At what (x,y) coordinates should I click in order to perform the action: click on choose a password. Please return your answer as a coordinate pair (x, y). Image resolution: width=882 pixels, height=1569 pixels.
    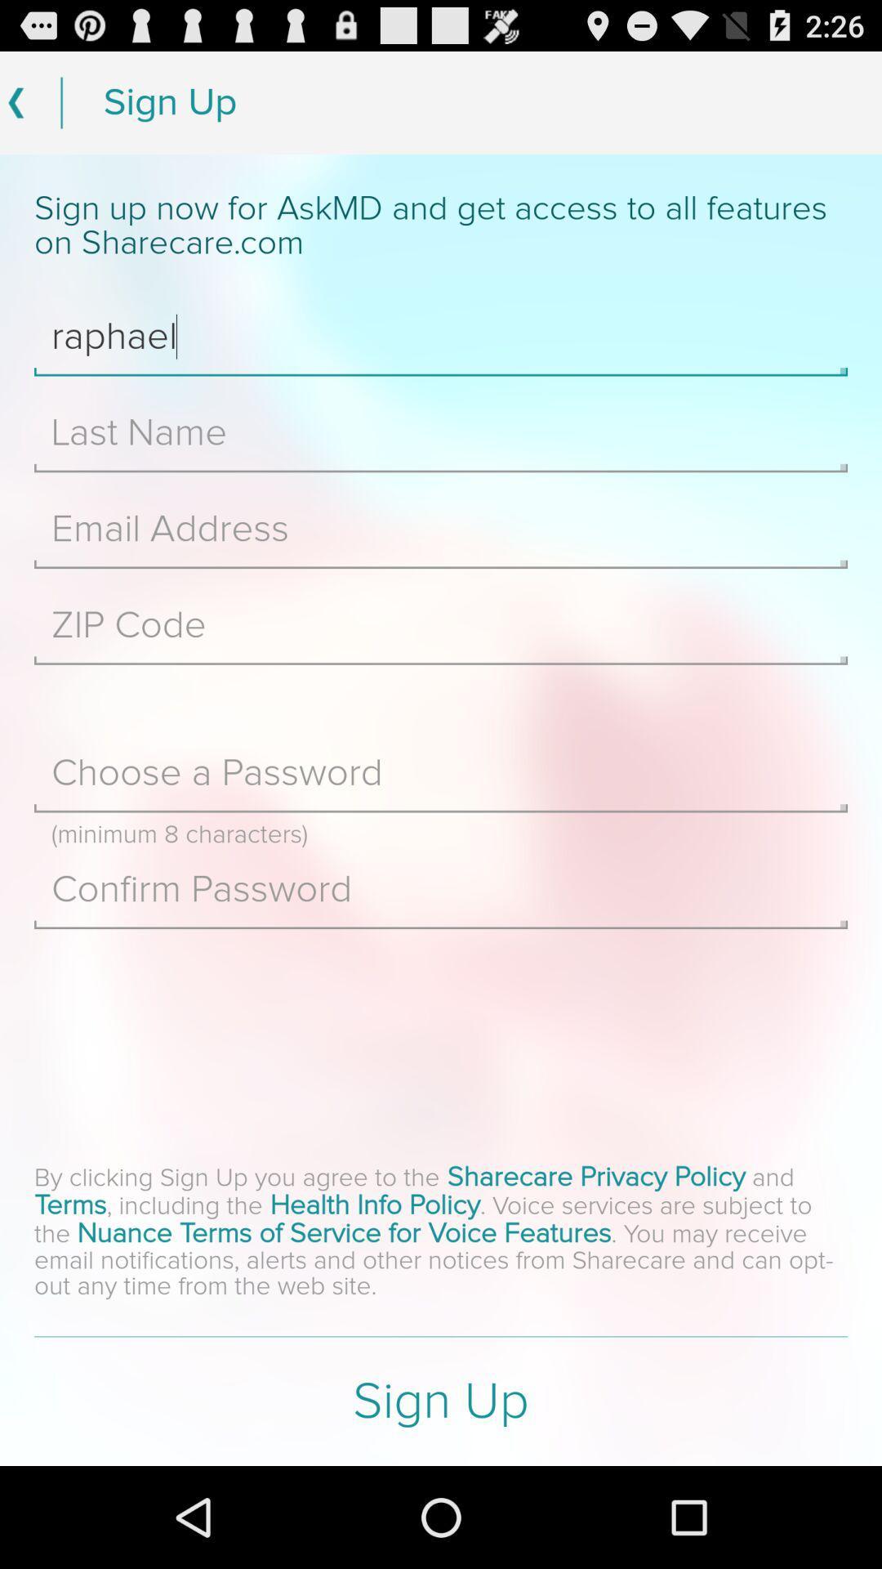
    Looking at the image, I should click on (441, 772).